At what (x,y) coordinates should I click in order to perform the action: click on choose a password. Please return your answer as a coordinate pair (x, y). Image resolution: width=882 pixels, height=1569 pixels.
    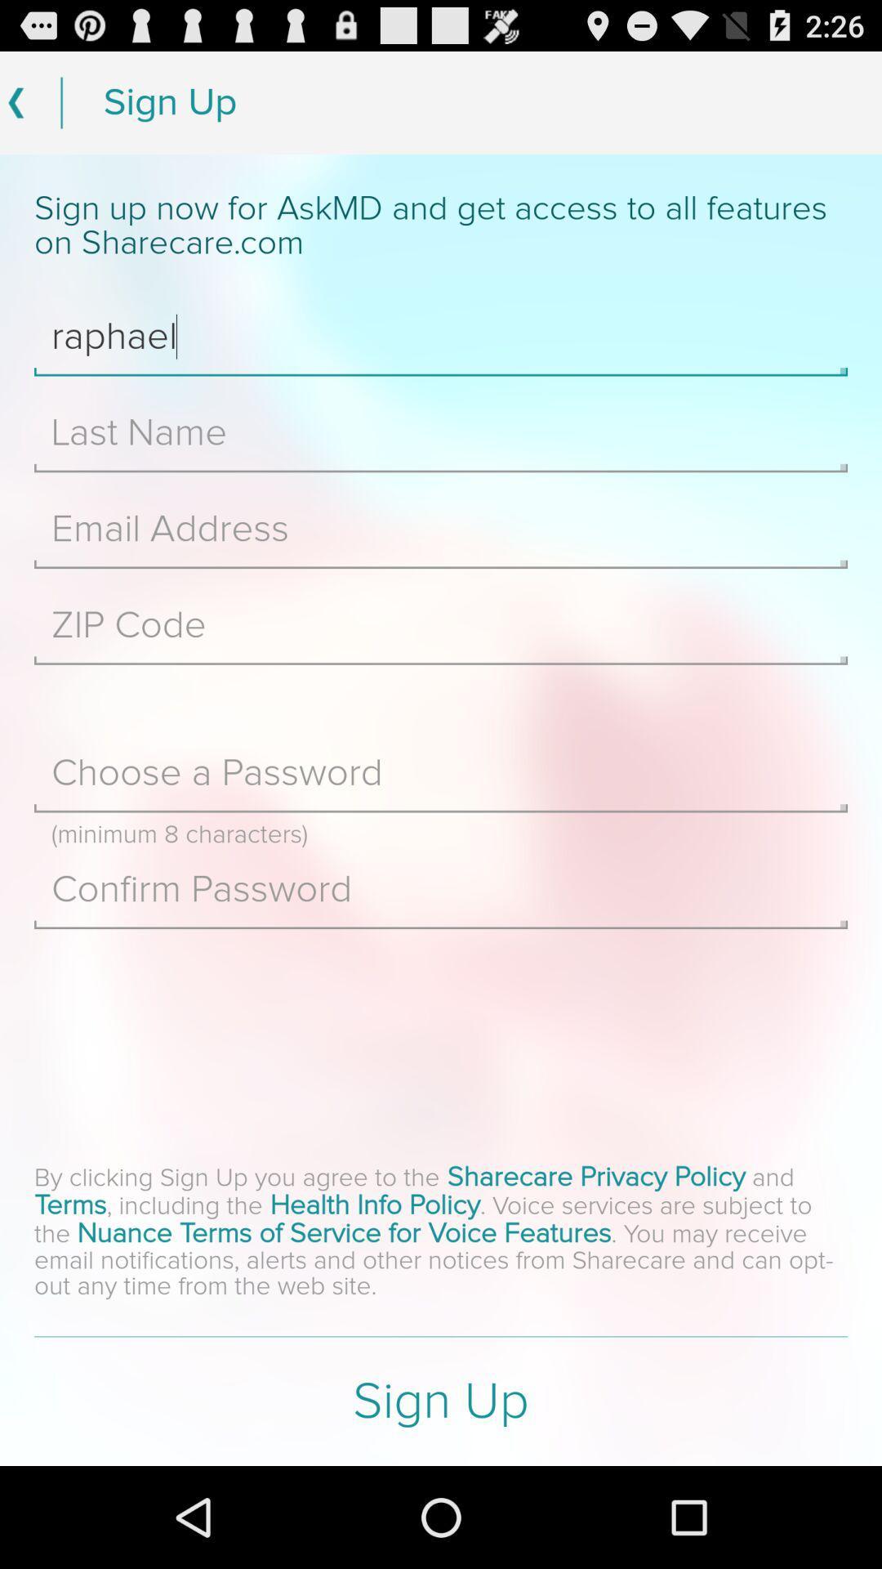
    Looking at the image, I should click on (441, 772).